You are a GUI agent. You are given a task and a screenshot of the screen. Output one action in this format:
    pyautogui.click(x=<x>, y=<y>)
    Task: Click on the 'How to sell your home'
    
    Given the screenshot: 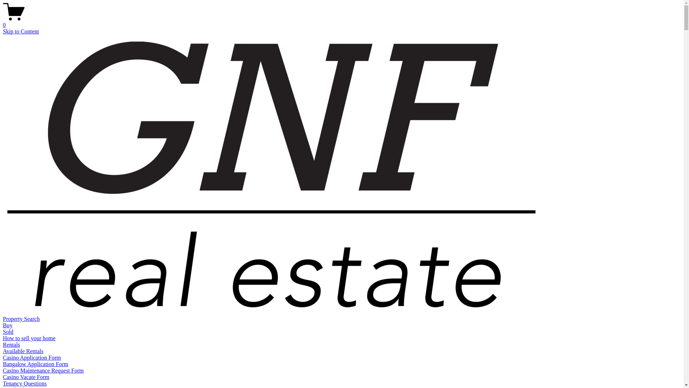 What is the action you would take?
    pyautogui.click(x=29, y=338)
    